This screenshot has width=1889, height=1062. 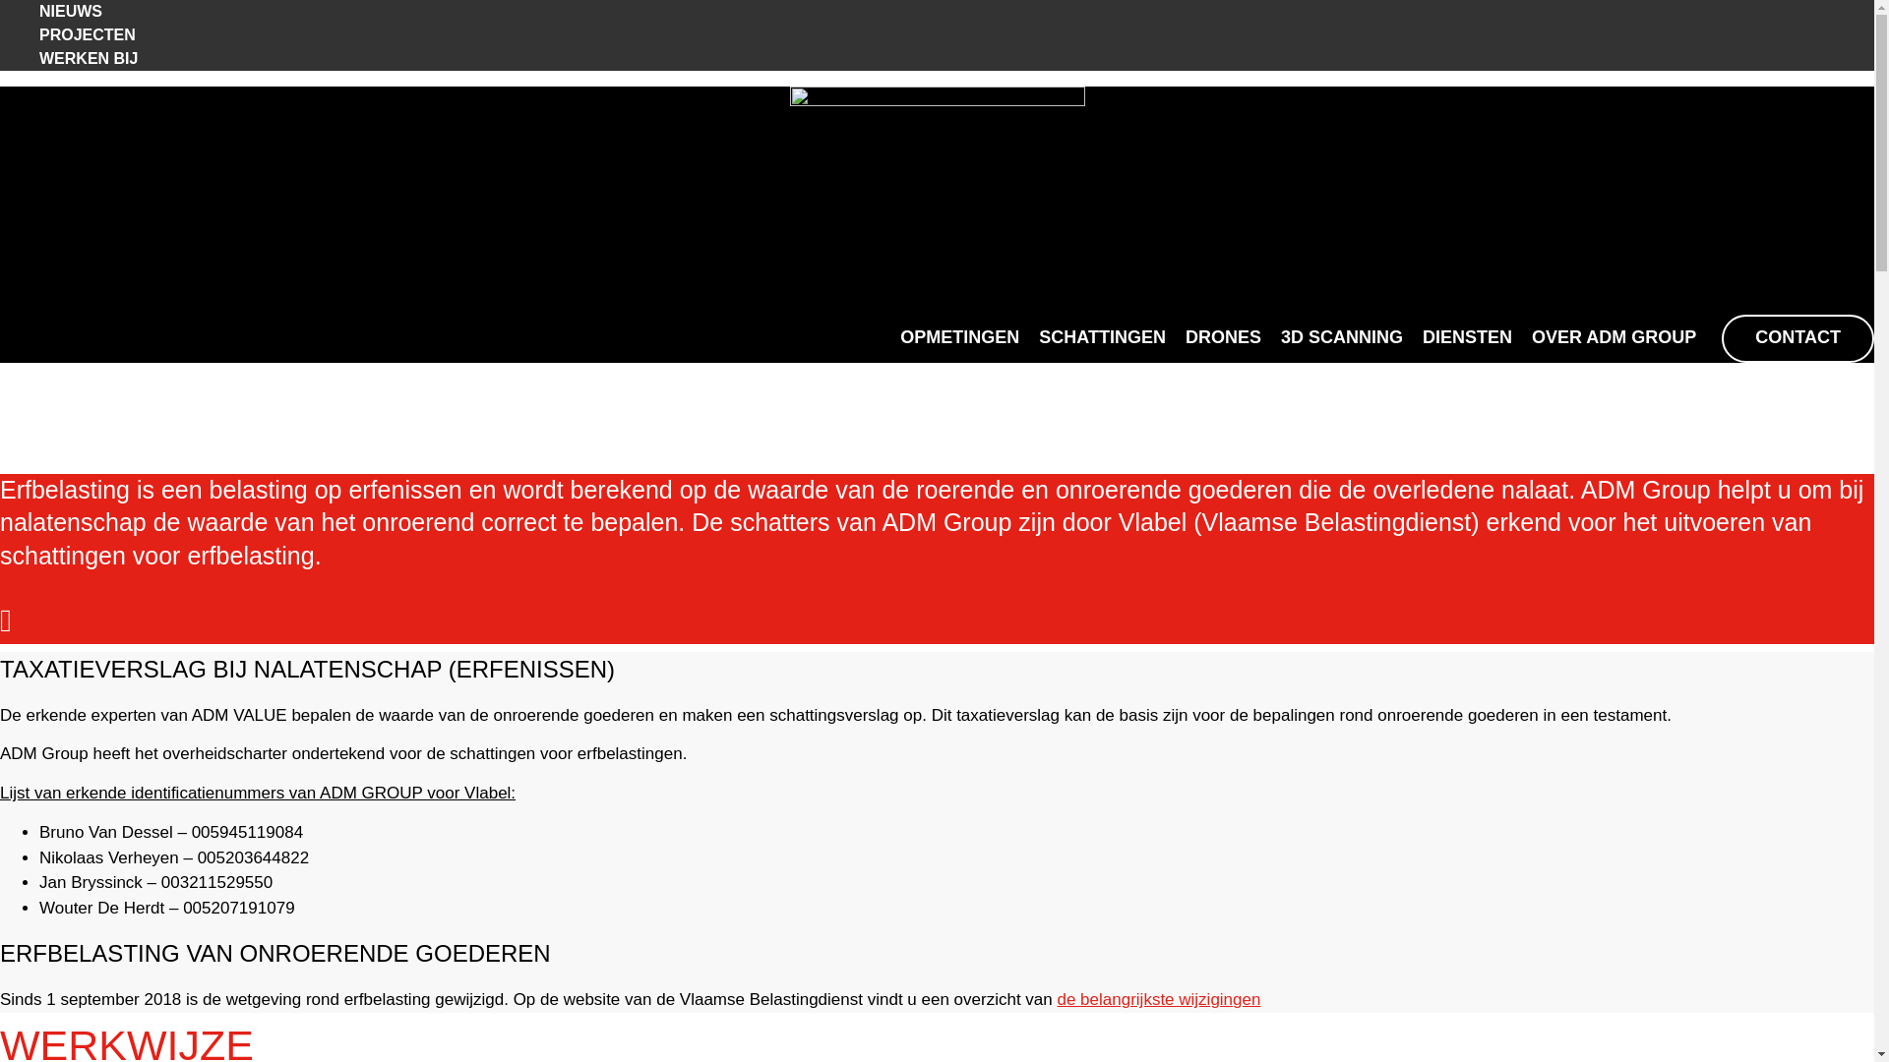 I want to click on 'SCHATTINGEN', so click(x=1102, y=337).